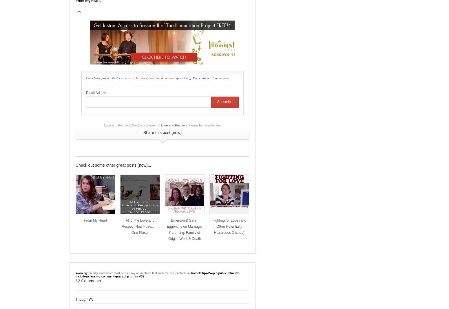 The height and width of the screenshot is (309, 449). What do you see at coordinates (86, 92) in the screenshot?
I see `'Email Address'` at bounding box center [86, 92].